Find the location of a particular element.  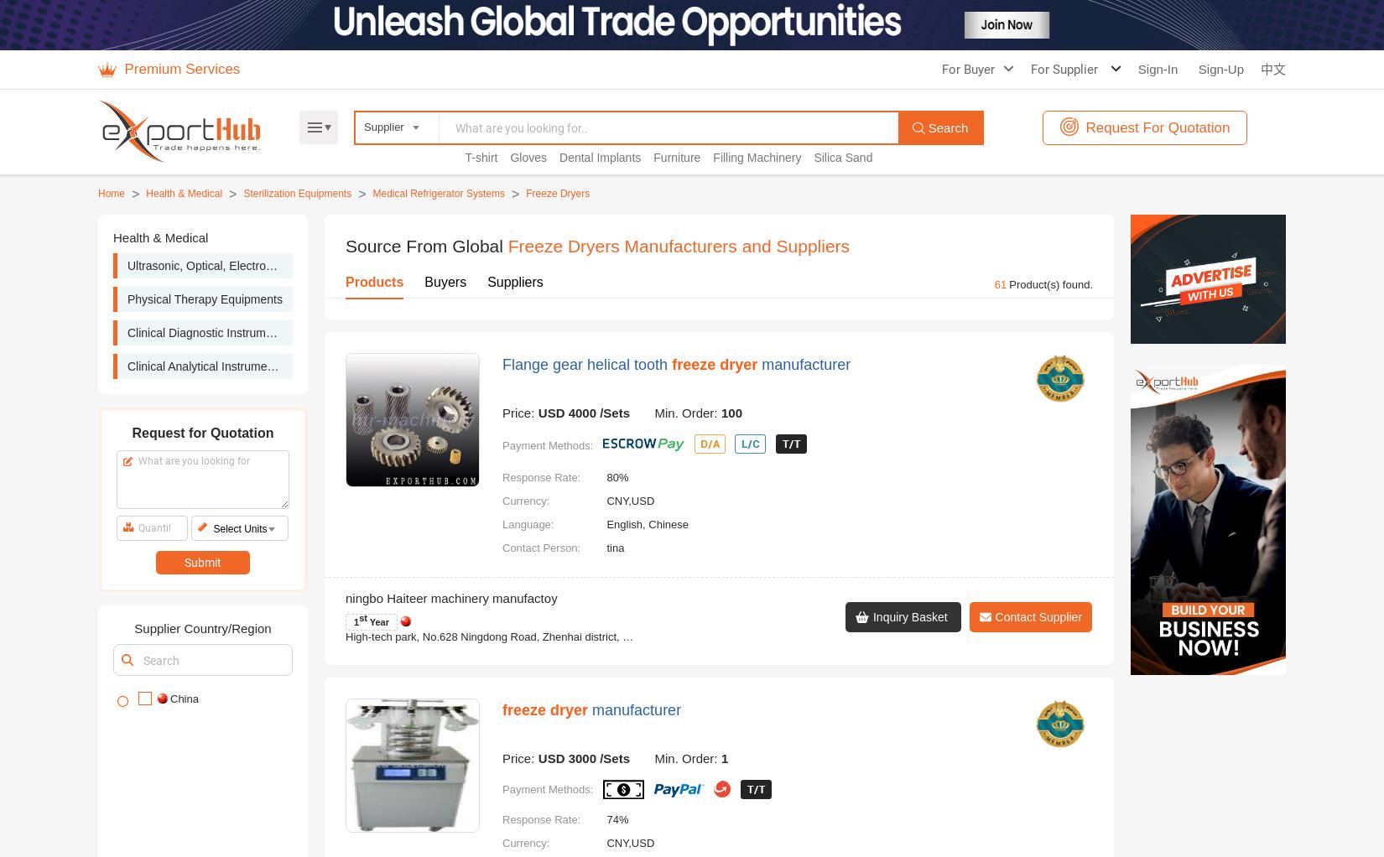

'82%' is located at coordinates (617, 61).